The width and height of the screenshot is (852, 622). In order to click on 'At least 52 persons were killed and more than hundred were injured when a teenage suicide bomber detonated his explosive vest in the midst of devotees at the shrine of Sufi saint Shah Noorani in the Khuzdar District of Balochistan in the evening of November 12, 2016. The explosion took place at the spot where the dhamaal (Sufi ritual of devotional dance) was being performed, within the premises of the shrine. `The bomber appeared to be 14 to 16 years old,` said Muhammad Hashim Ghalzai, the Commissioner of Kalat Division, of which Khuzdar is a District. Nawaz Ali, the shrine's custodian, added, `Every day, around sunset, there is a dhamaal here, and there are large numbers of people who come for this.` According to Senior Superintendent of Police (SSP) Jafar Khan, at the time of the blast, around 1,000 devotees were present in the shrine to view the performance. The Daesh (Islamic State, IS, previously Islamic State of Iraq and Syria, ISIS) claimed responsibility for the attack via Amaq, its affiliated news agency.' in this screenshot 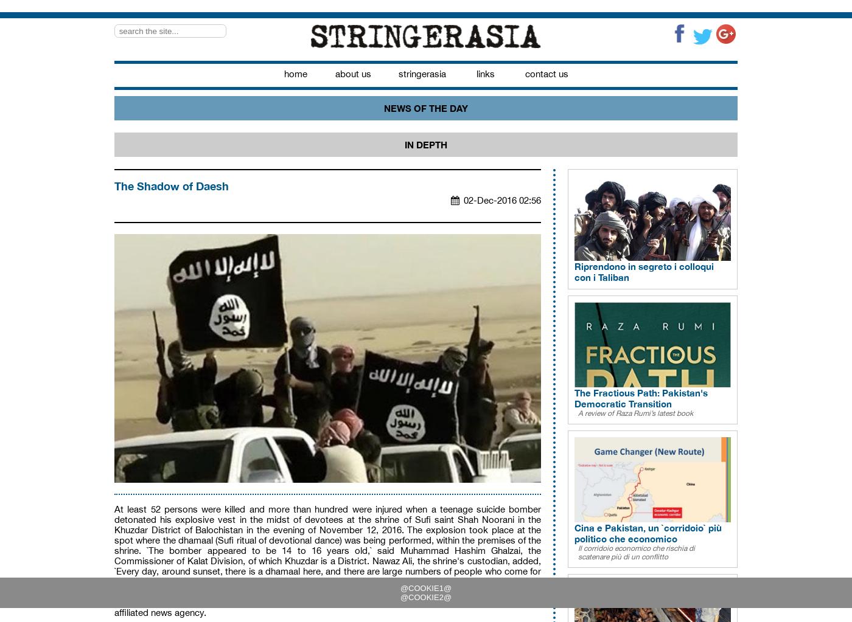, I will do `click(327, 560)`.